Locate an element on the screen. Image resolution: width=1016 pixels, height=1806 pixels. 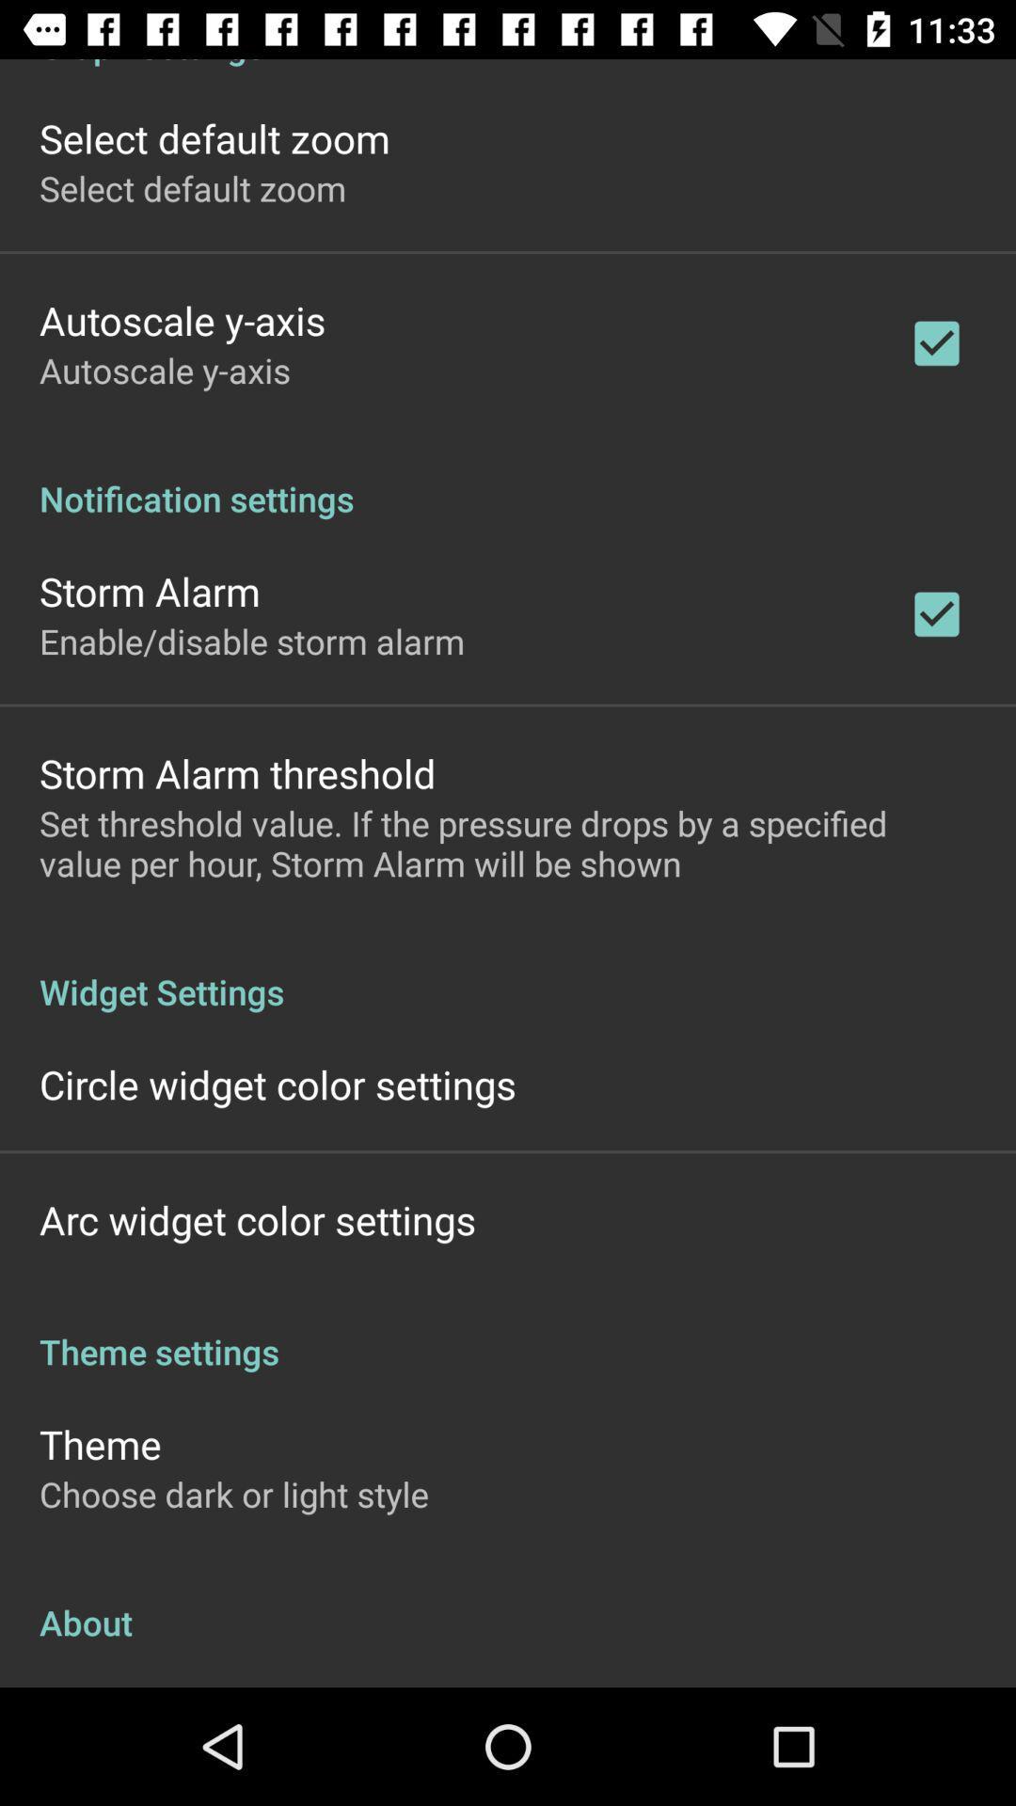
the item above the about app is located at coordinates (233, 1493).